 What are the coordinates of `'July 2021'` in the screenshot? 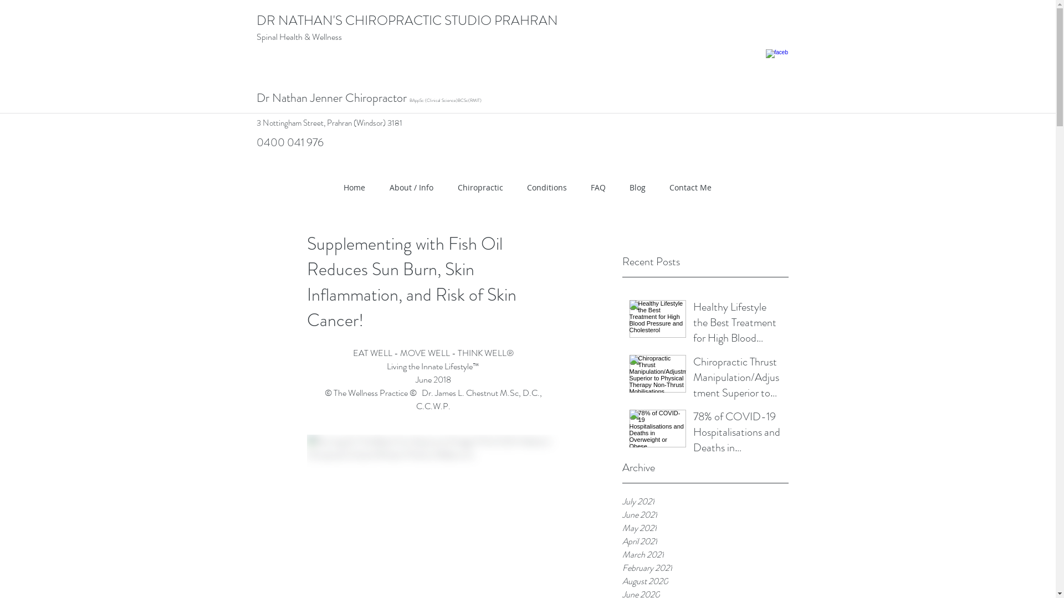 It's located at (704, 502).